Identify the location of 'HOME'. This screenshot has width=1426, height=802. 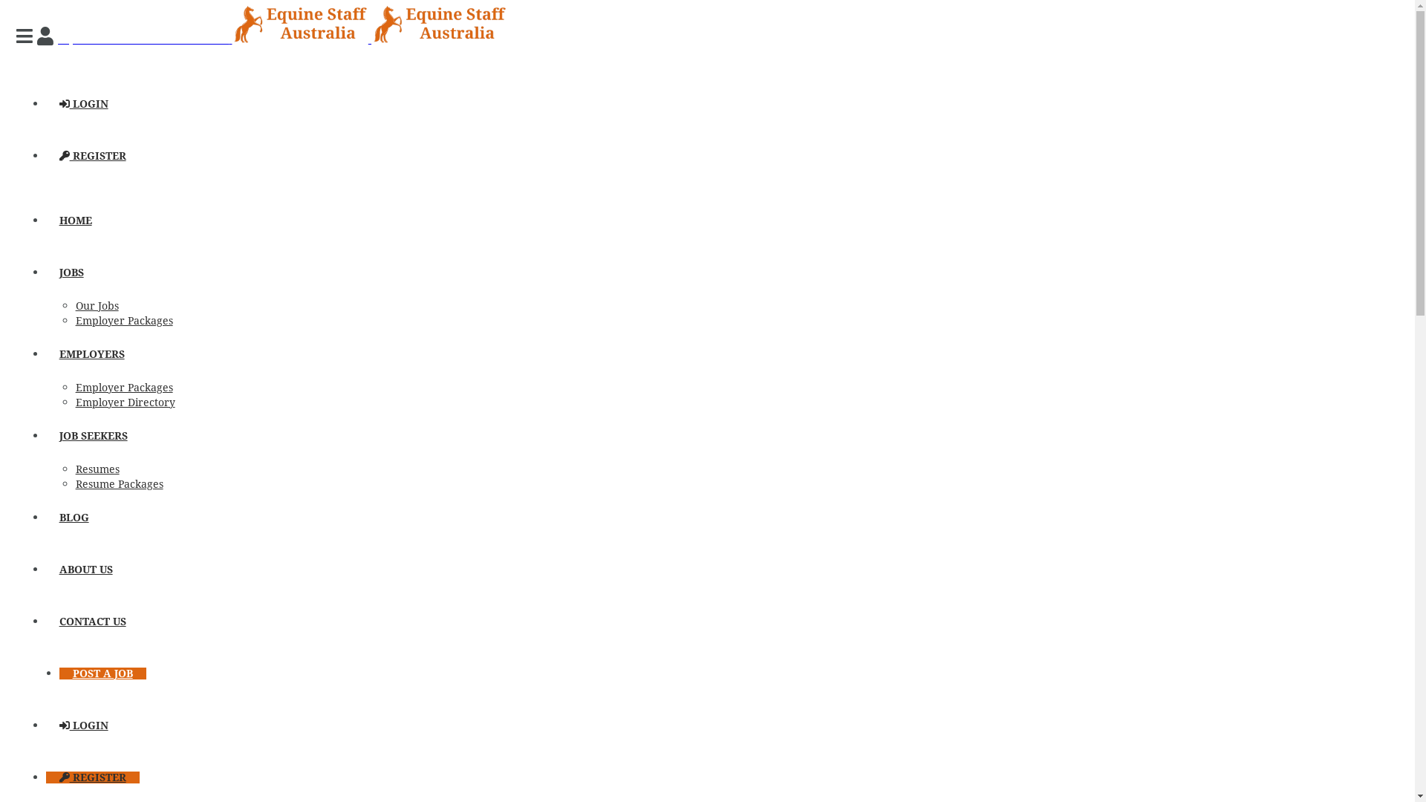
(74, 221).